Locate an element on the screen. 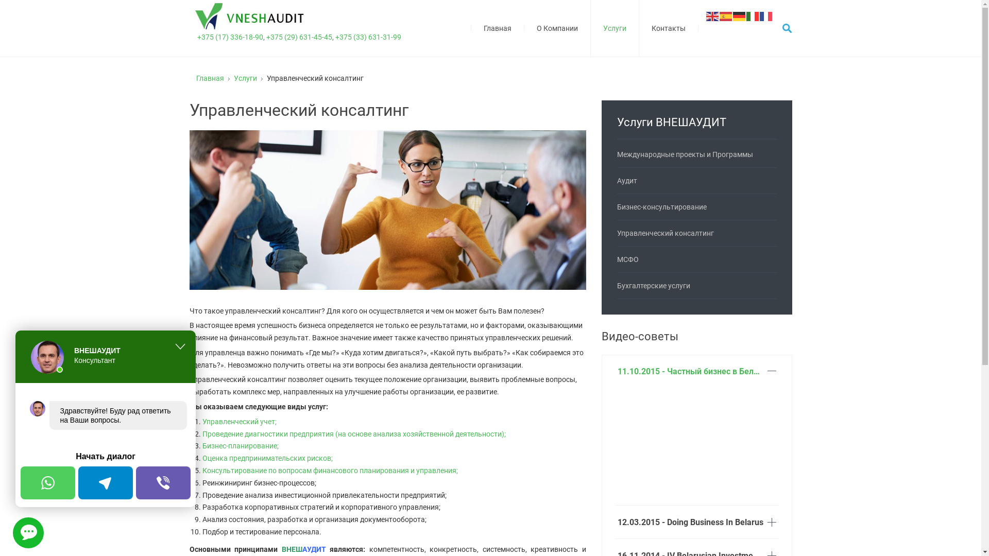 The height and width of the screenshot is (556, 989). 'Phone' is located at coordinates (162, 482).